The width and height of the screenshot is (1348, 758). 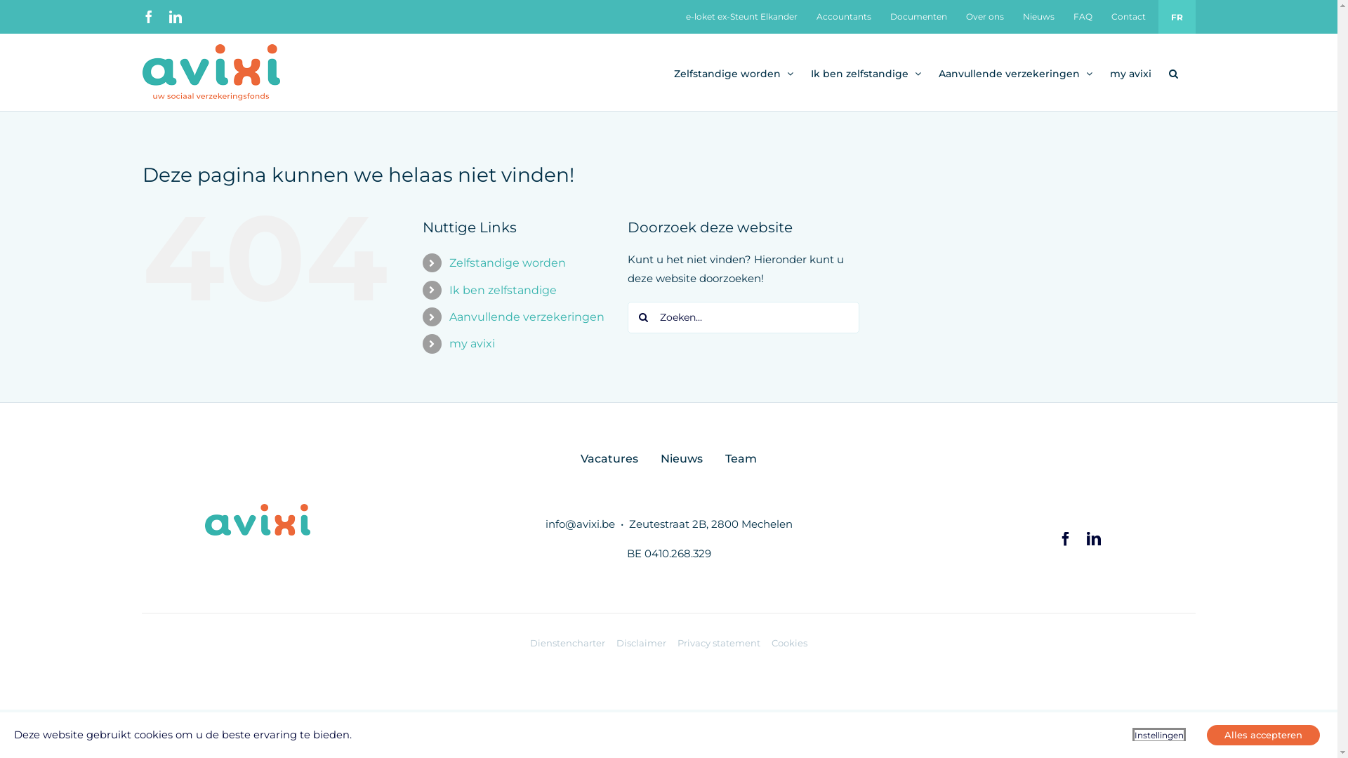 I want to click on 'Instellingen', so click(x=1159, y=733).